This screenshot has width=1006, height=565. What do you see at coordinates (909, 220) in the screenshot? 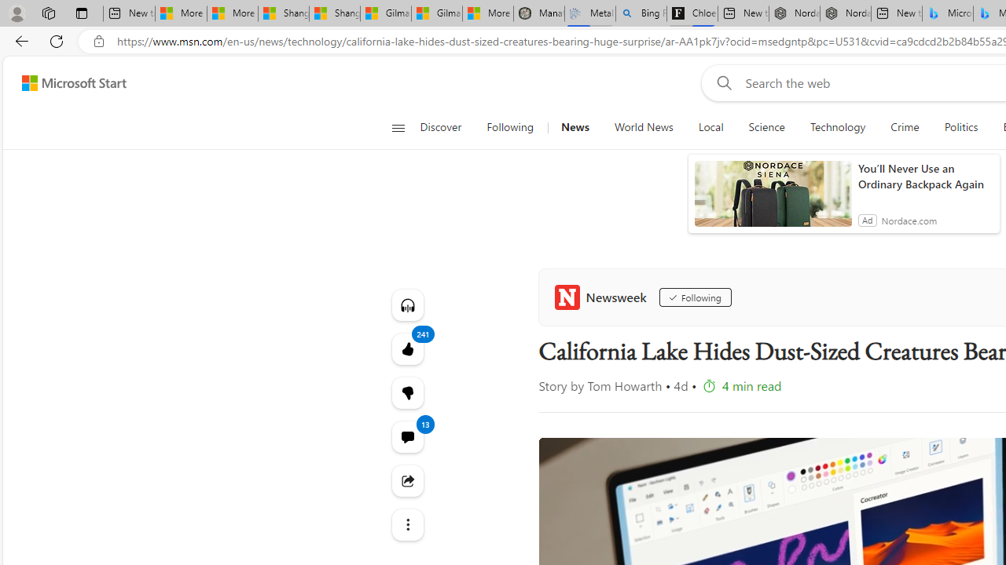
I see `'Nordace.com'` at bounding box center [909, 220].